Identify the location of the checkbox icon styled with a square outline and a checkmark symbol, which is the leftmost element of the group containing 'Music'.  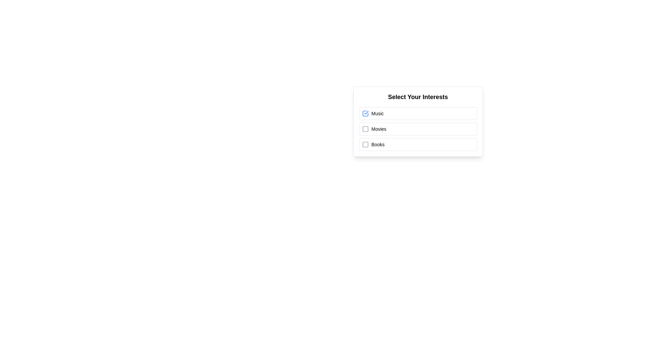
(365, 113).